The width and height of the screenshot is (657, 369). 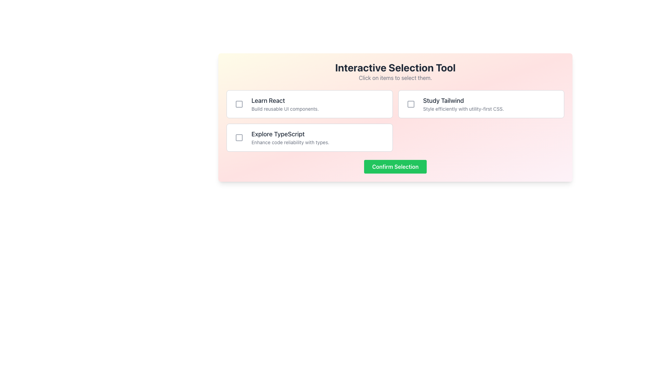 I want to click on the checkbox for the 'Learn React' section, so click(x=239, y=104).